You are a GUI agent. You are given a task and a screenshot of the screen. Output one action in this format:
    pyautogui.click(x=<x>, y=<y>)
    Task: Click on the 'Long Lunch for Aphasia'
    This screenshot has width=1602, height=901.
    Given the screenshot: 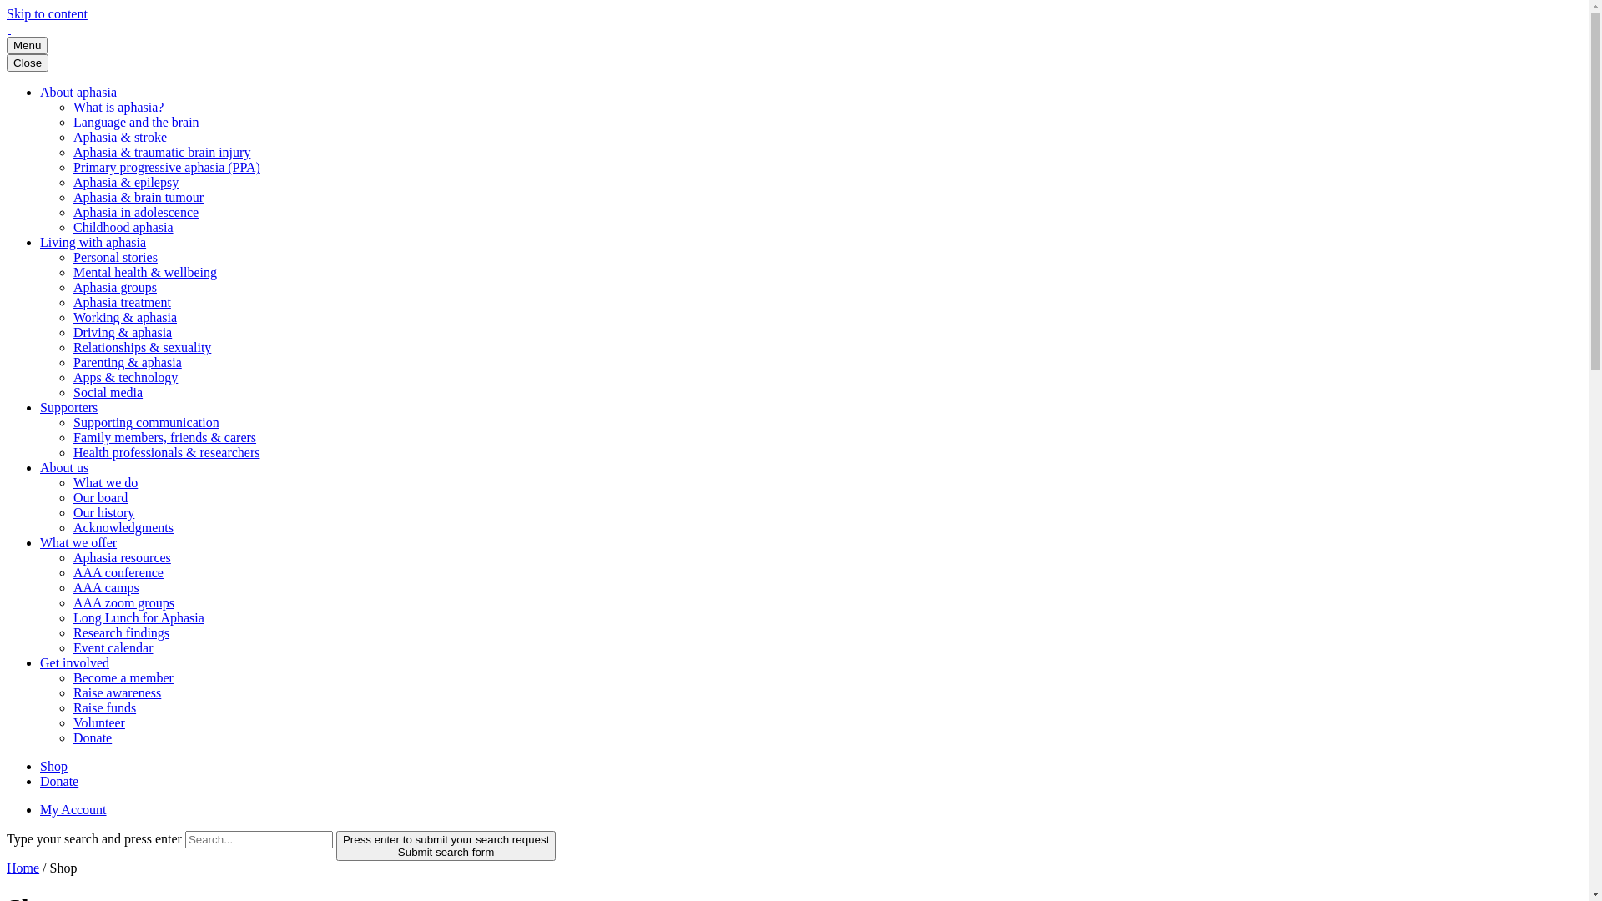 What is the action you would take?
    pyautogui.click(x=139, y=617)
    